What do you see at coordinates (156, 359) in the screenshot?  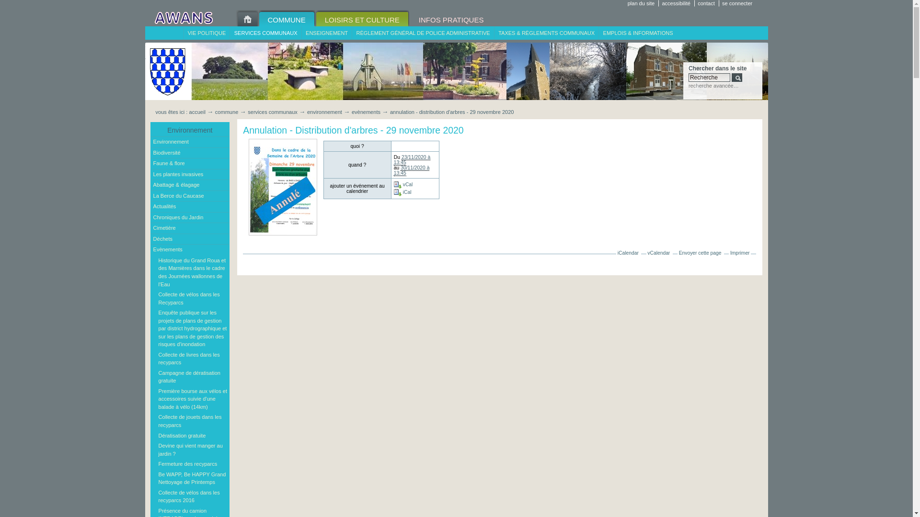 I see `'Collecte de livres dans les recyparcs'` at bounding box center [156, 359].